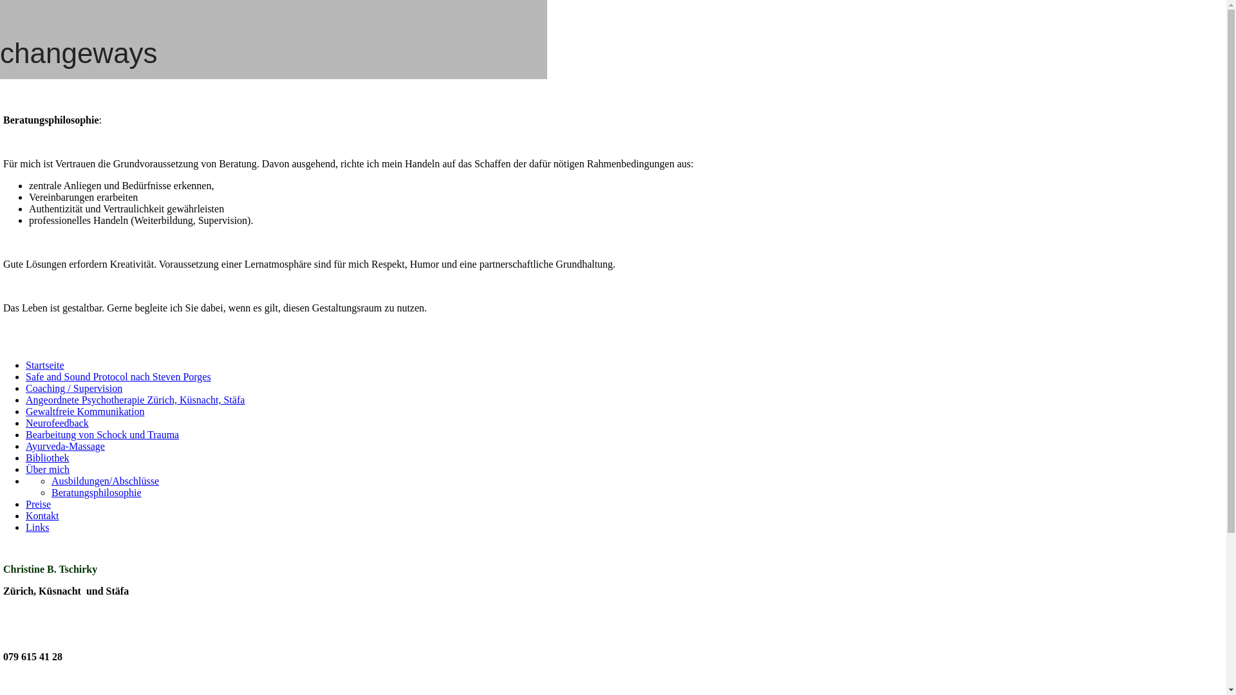 The image size is (1236, 695). I want to click on 'Coaching / Supervision', so click(25, 387).